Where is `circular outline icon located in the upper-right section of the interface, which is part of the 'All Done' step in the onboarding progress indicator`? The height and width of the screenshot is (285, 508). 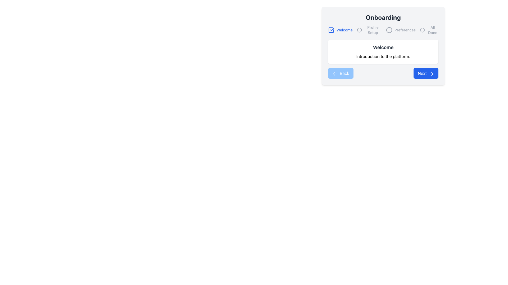
circular outline icon located in the upper-right section of the interface, which is part of the 'All Done' step in the onboarding progress indicator is located at coordinates (422, 30).